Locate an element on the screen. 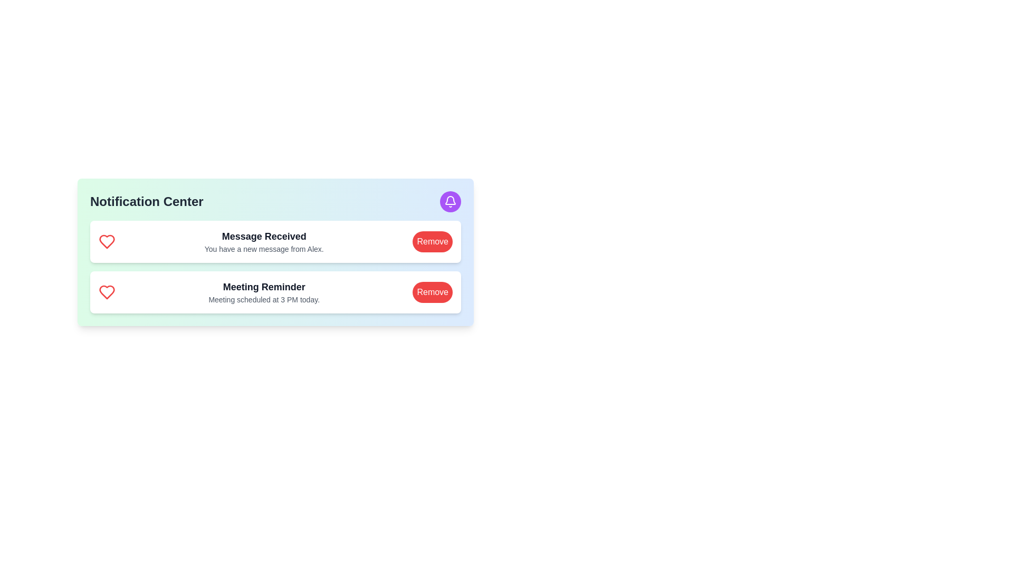  the button located at the far right of the notification card, which dismisses or deletes the notification associated with the message from Alex is located at coordinates (433, 242).